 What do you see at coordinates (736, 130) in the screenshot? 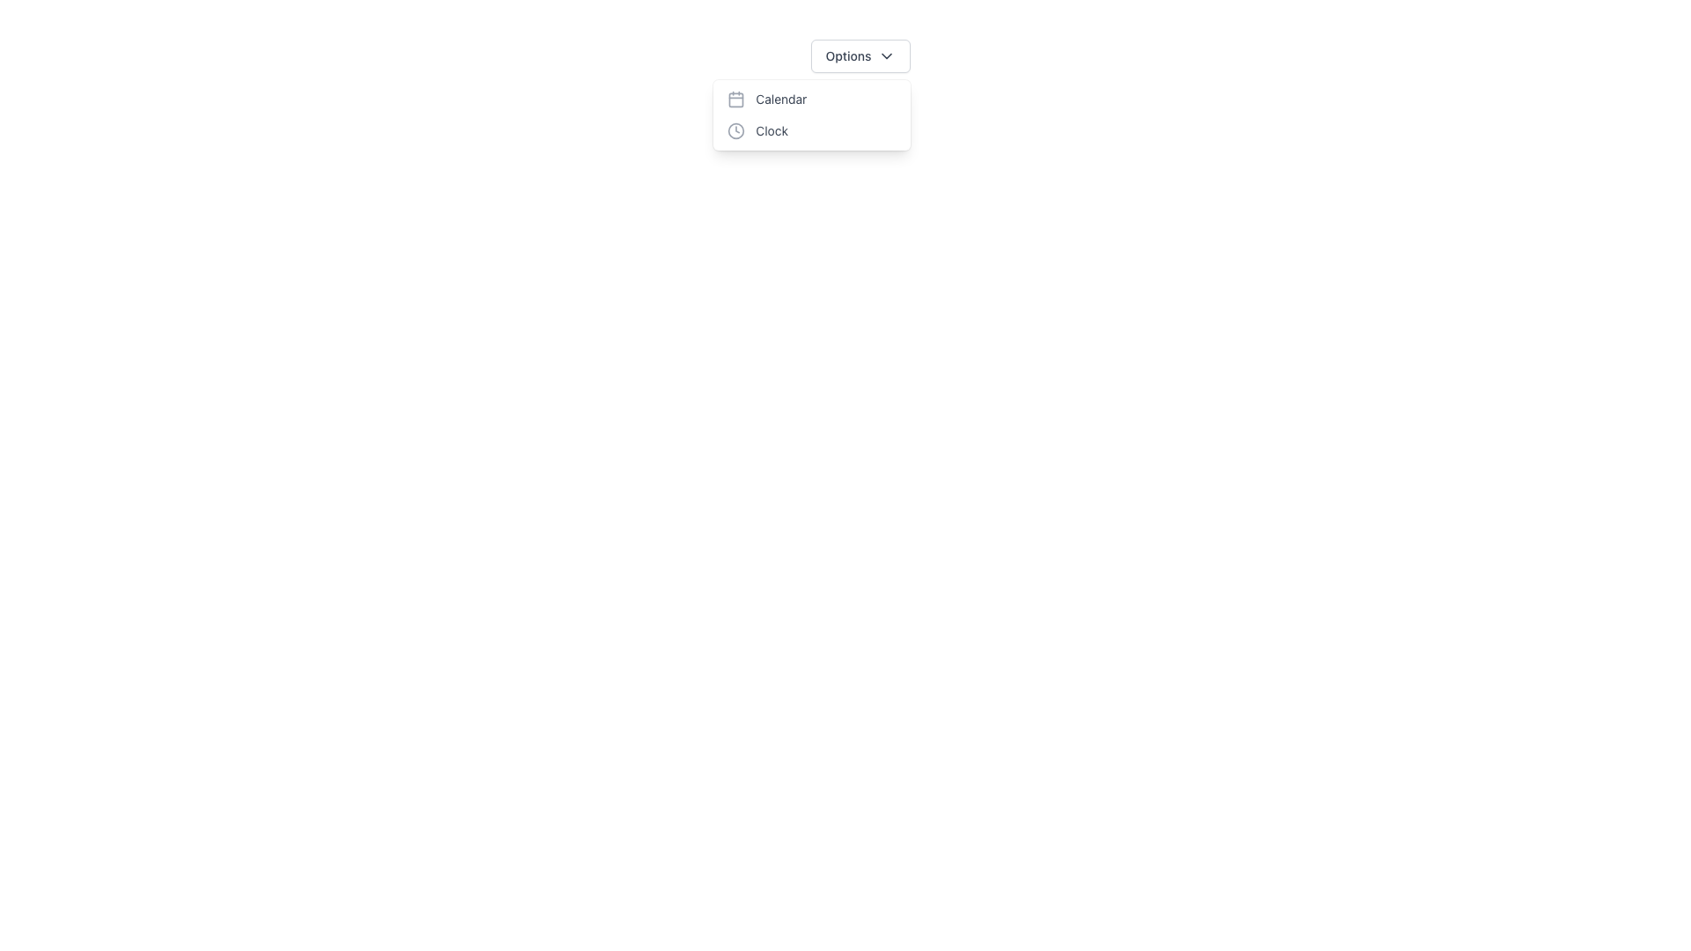
I see `the 'Clock' menu item icon, which is visually aligned with the text label and located in the leftmost part of the menu item` at bounding box center [736, 130].